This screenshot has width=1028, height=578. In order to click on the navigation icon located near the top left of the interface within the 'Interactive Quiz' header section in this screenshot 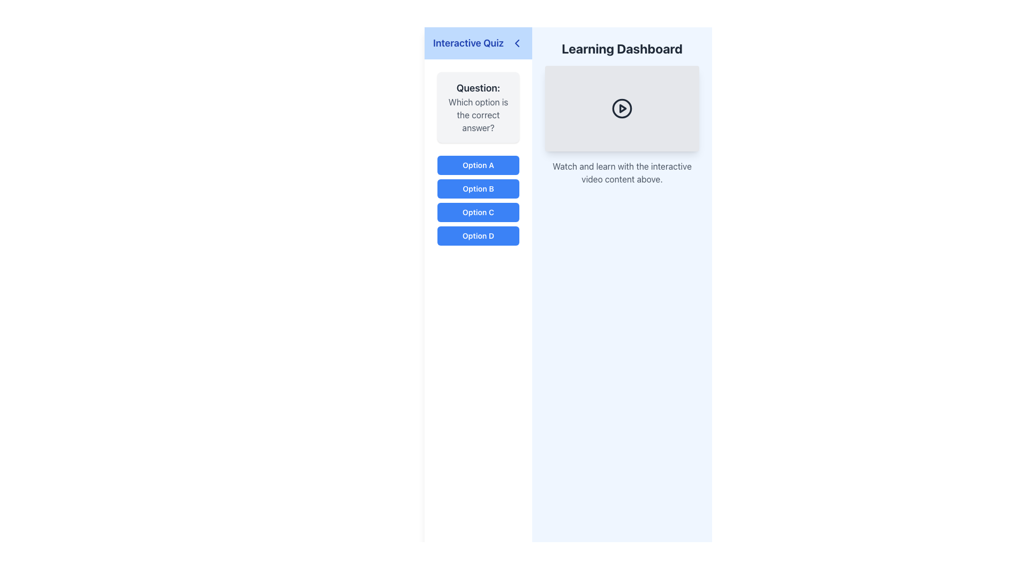, I will do `click(517, 43)`.